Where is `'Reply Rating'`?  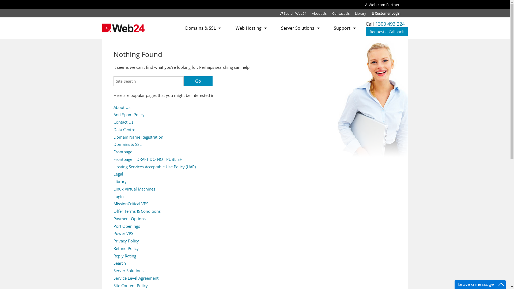 'Reply Rating' is located at coordinates (124, 256).